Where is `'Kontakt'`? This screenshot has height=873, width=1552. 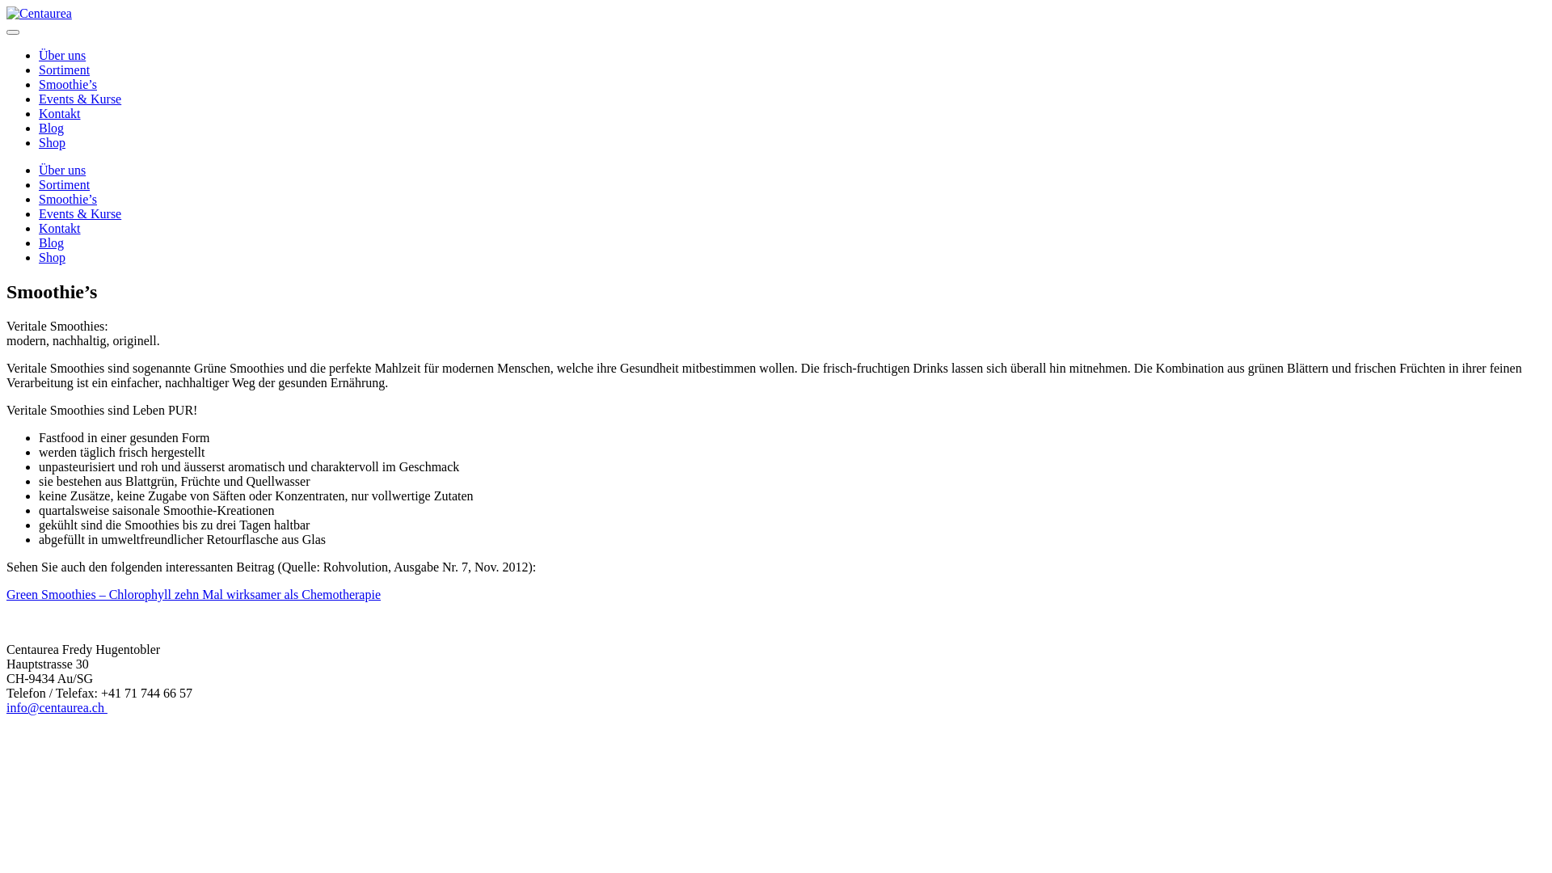
'Kontakt' is located at coordinates (39, 112).